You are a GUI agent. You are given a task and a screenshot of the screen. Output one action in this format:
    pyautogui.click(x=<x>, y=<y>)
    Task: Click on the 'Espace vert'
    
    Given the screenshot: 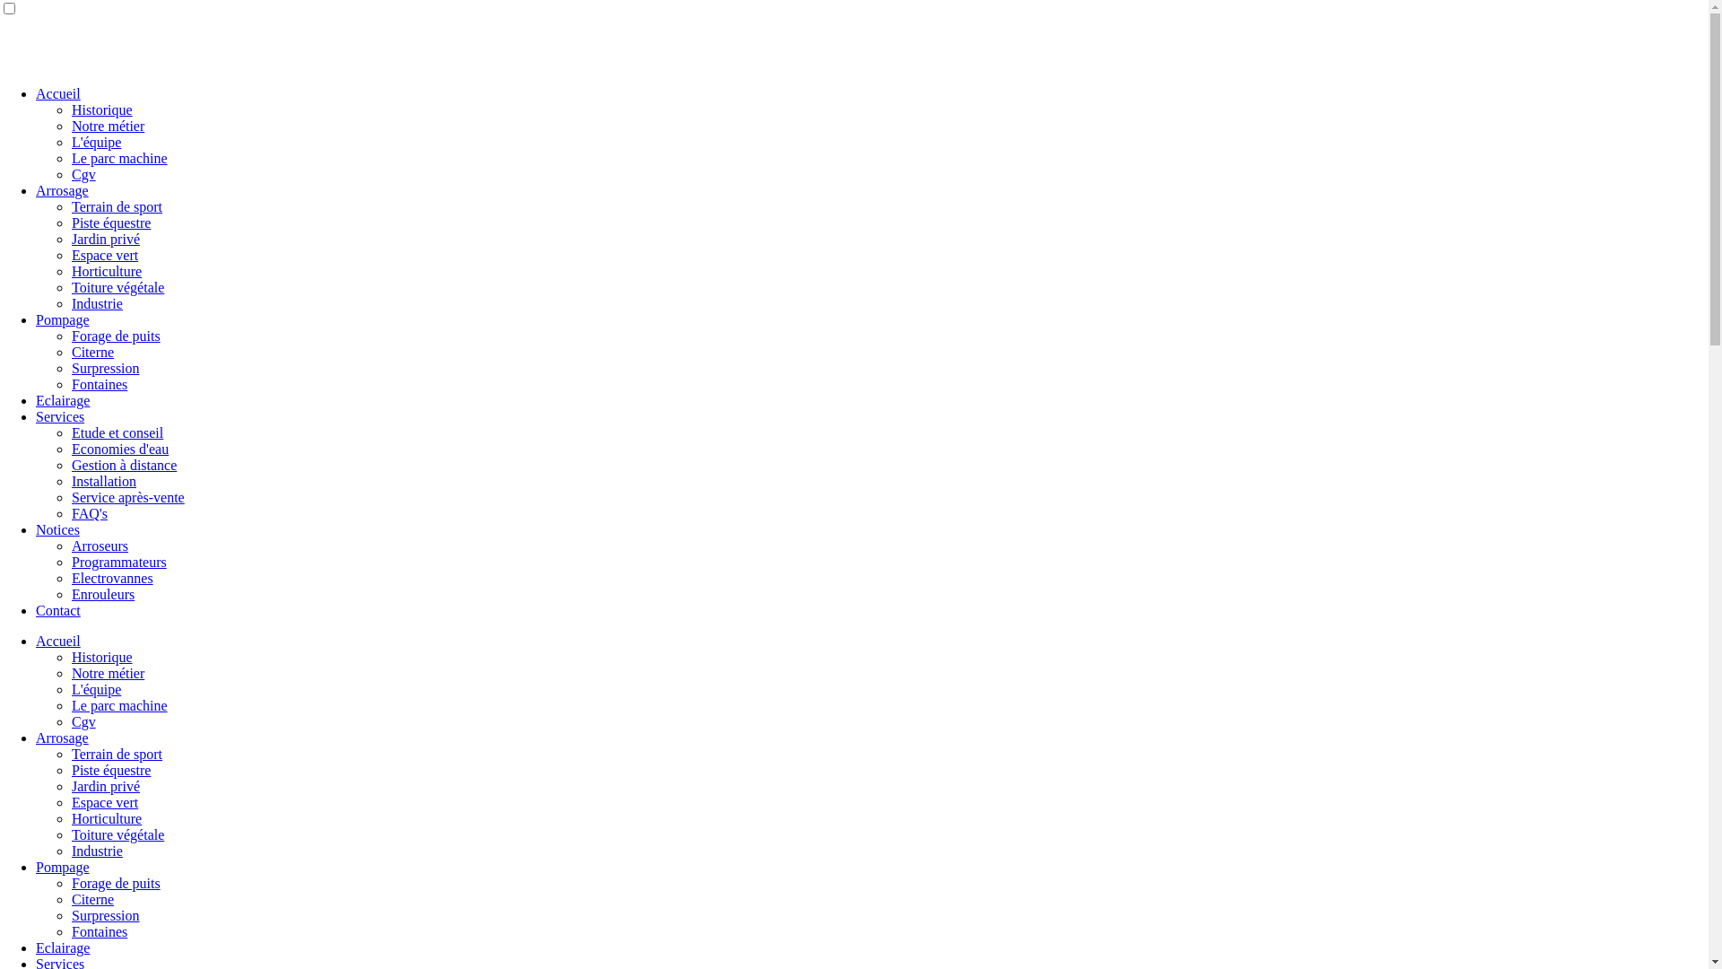 What is the action you would take?
    pyautogui.click(x=72, y=801)
    